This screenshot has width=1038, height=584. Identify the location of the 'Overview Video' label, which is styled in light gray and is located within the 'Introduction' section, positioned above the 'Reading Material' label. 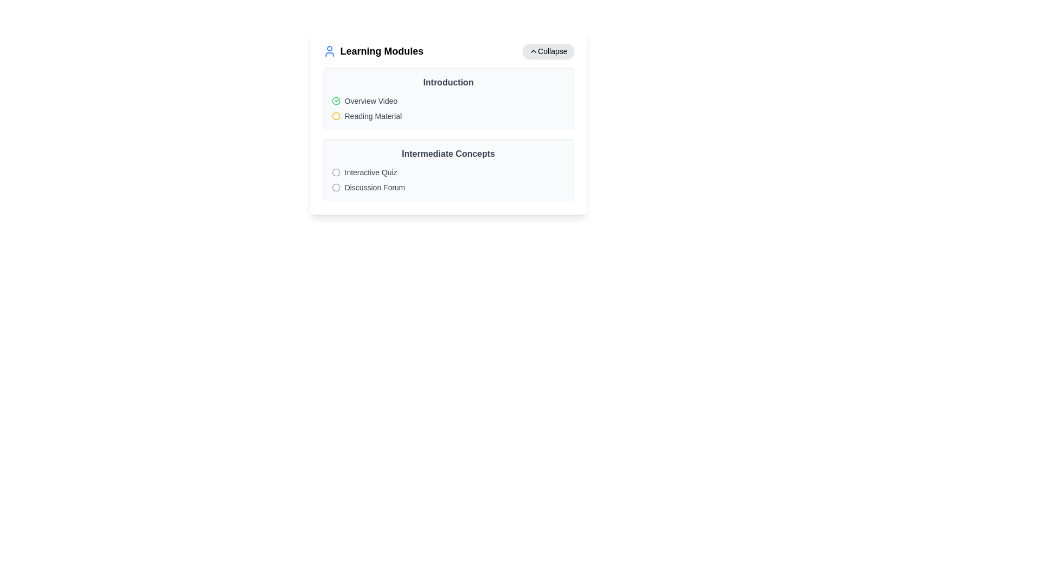
(371, 101).